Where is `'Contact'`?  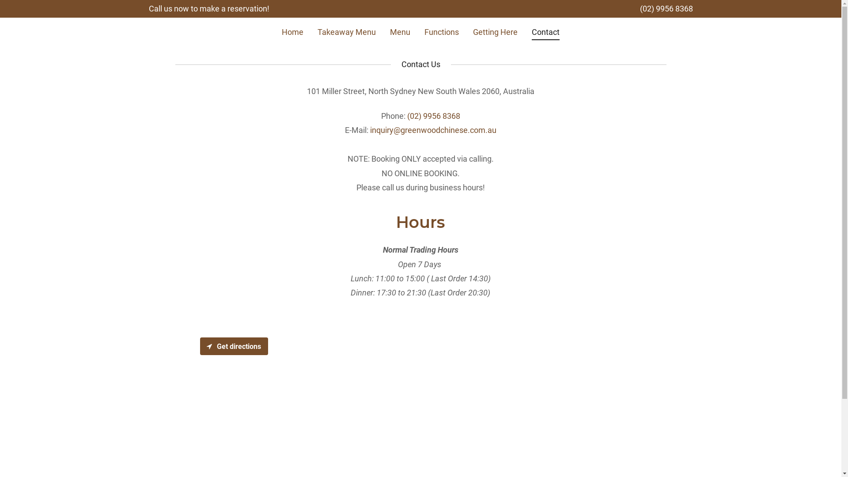
'Contact' is located at coordinates (545, 33).